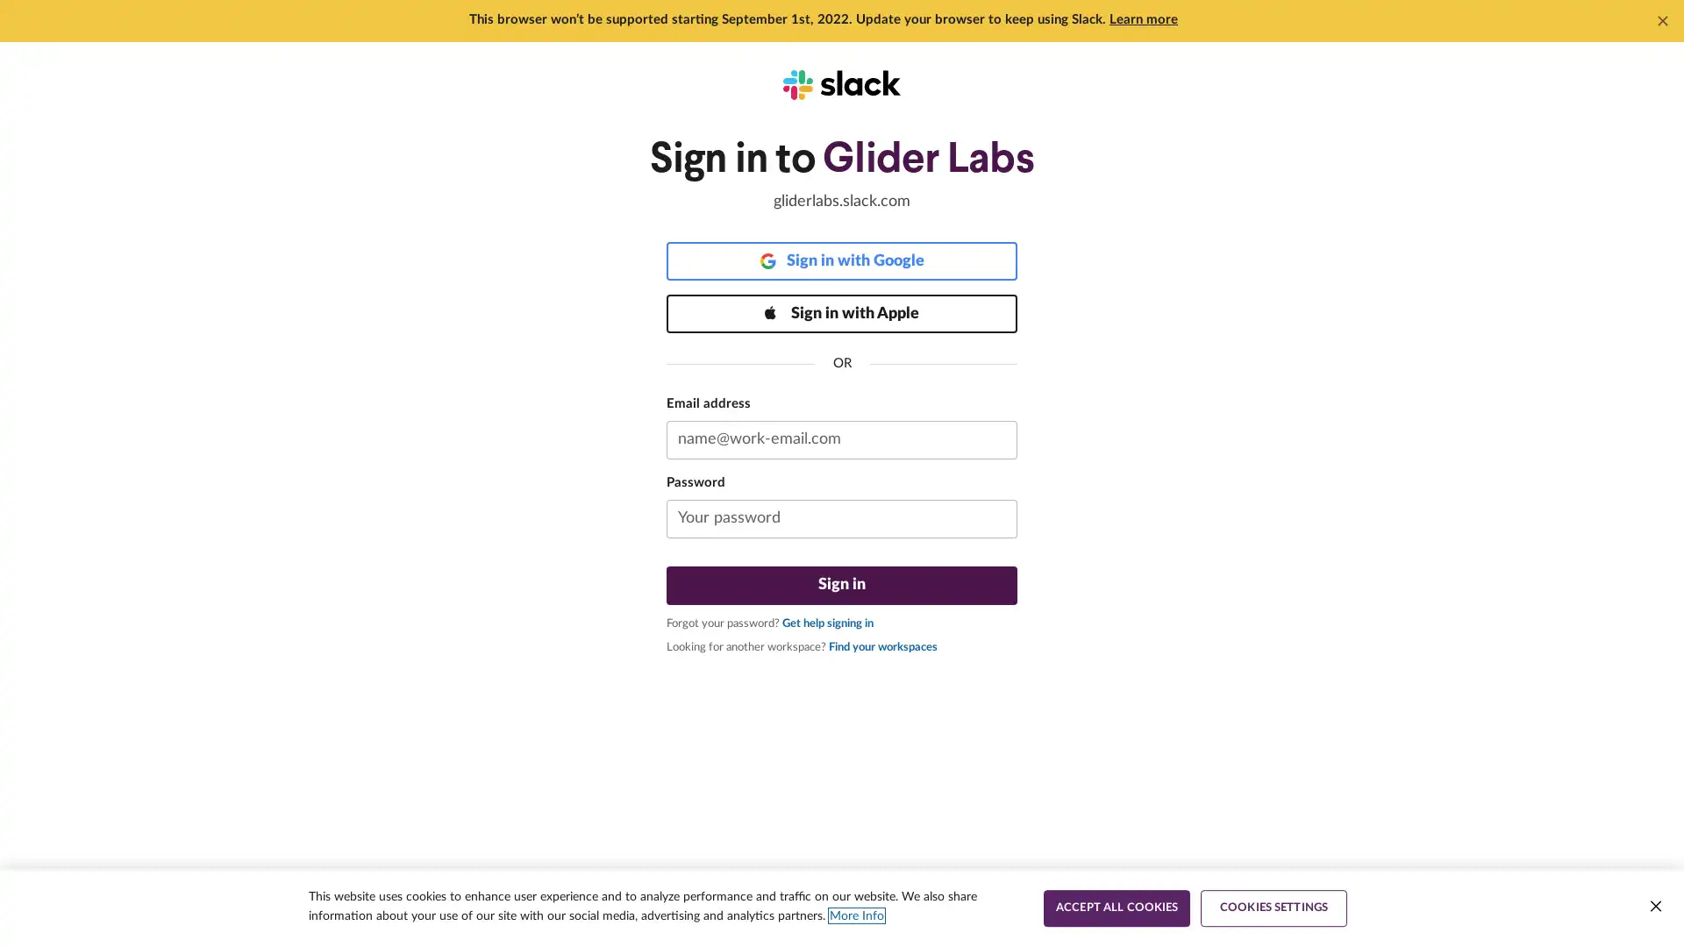  Describe the element at coordinates (1274, 908) in the screenshot. I see `COOKIES SETTINGS` at that location.